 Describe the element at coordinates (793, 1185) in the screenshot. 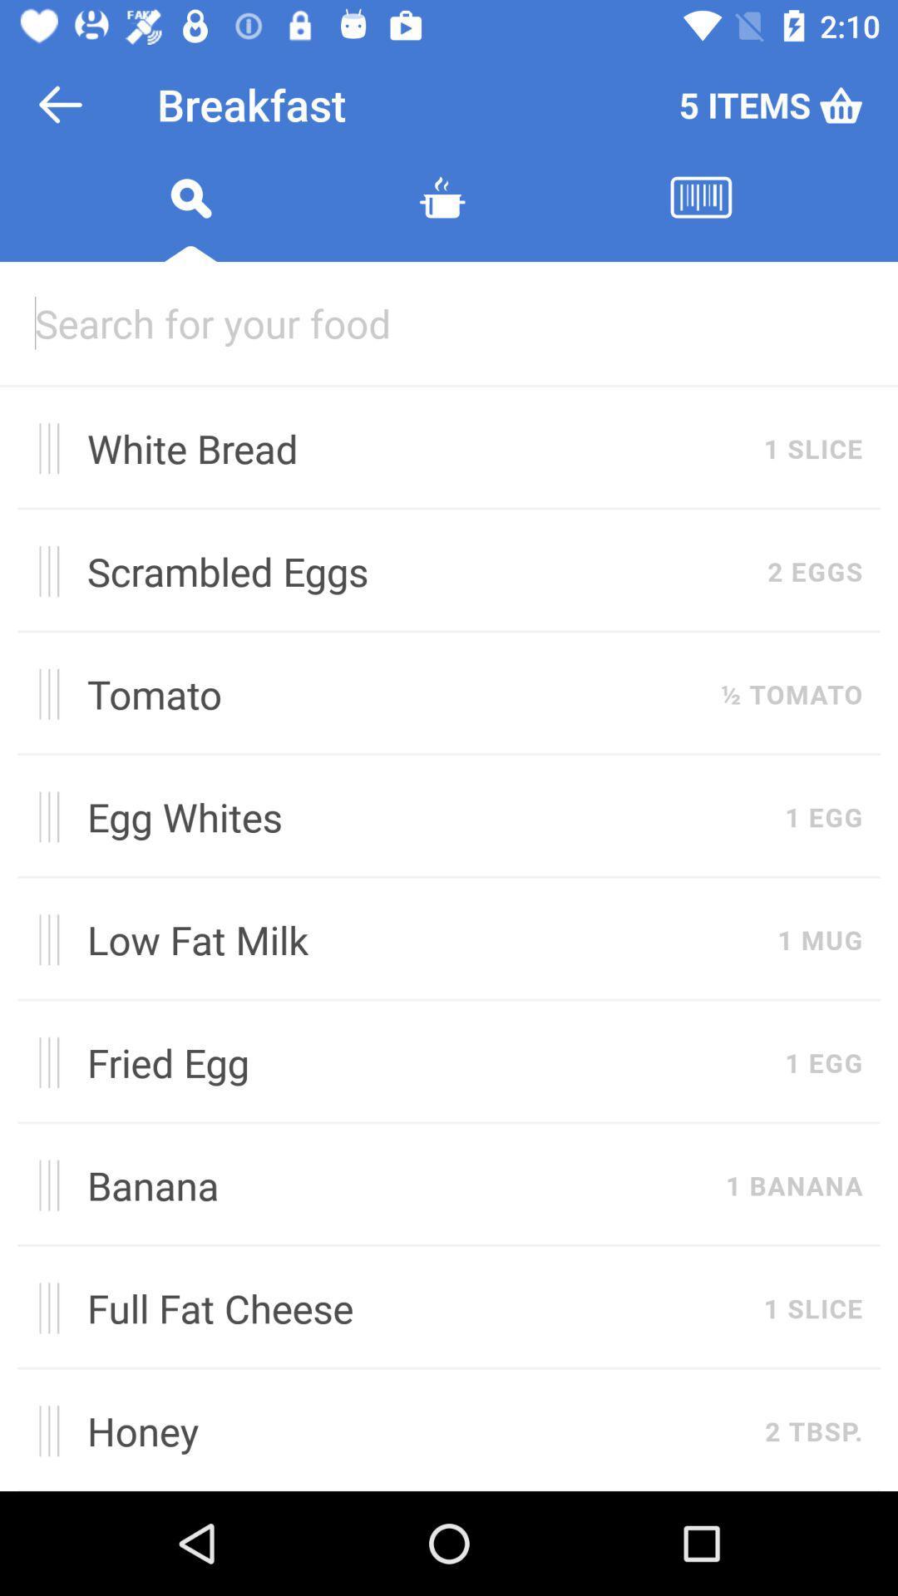

I see `the 1 banana` at that location.